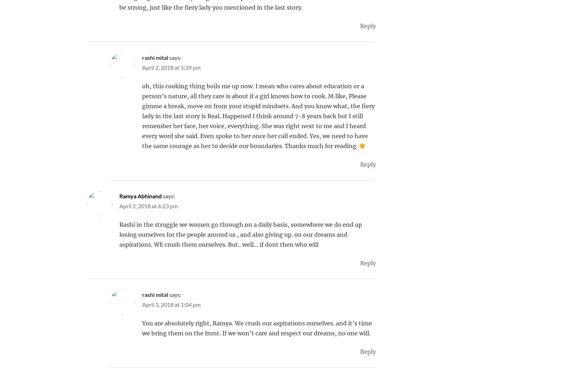 The image size is (570, 377). What do you see at coordinates (140, 195) in the screenshot?
I see `'Ramya Abhinand'` at bounding box center [140, 195].